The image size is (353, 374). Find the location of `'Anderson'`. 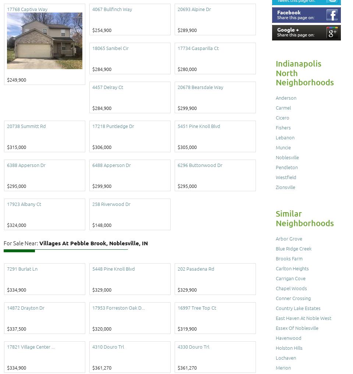

'Anderson' is located at coordinates (285, 97).